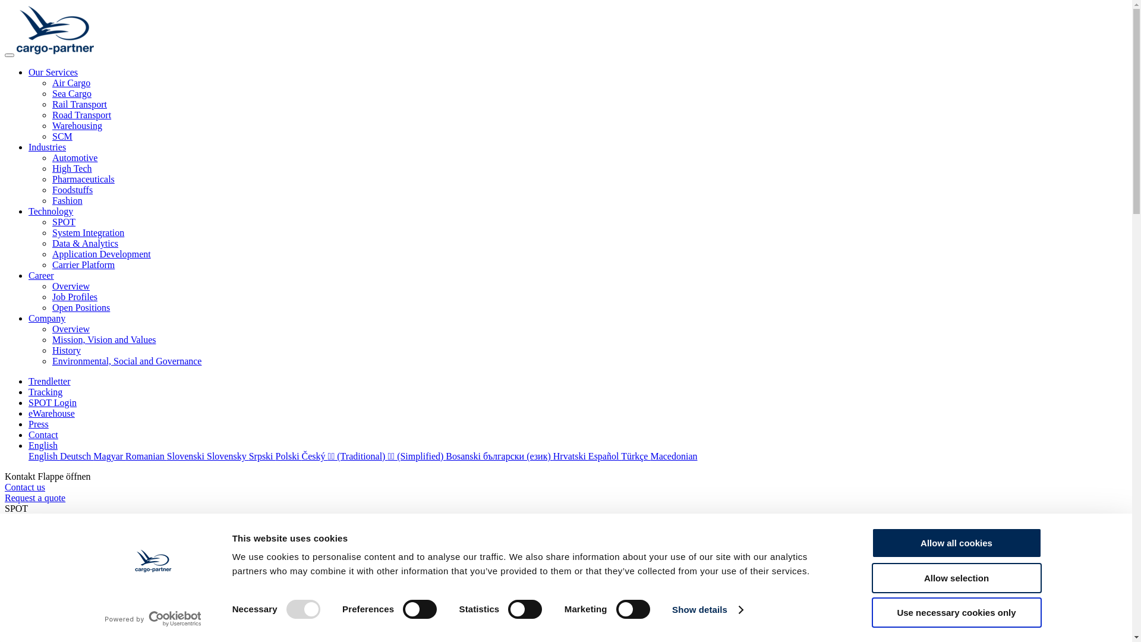 The height and width of the screenshot is (642, 1141). What do you see at coordinates (67, 200) in the screenshot?
I see `'Fashion'` at bounding box center [67, 200].